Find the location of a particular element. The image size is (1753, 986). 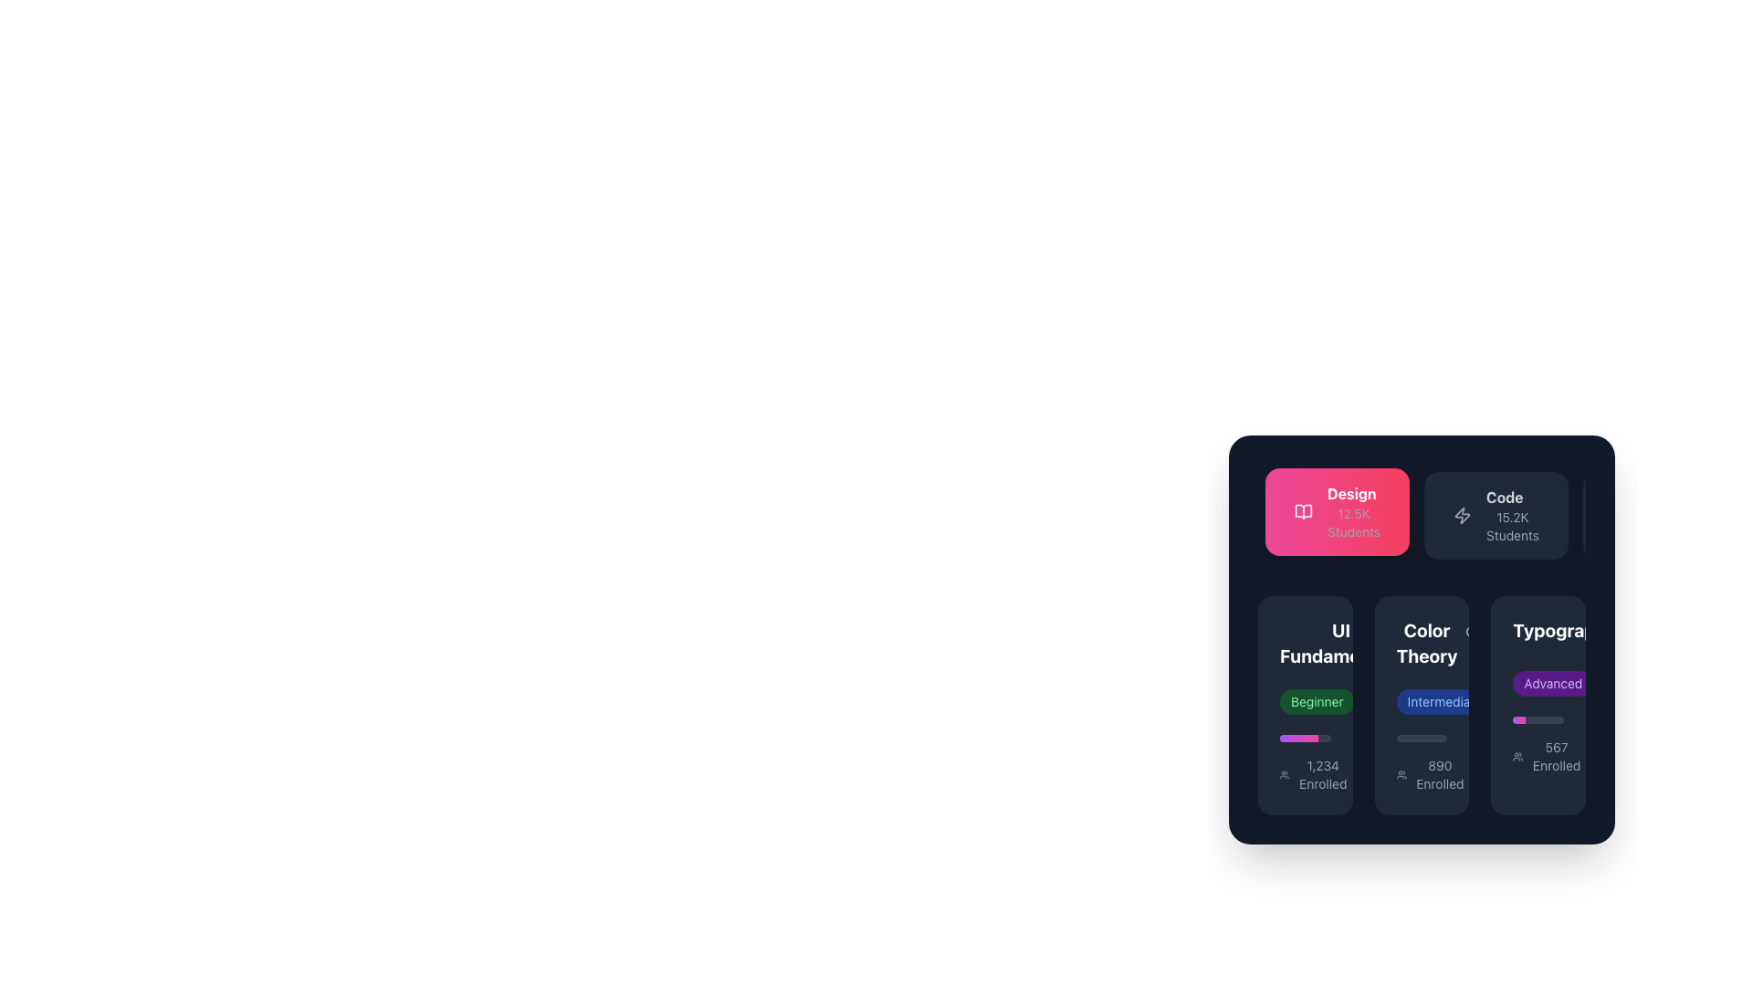

the user community icon, which is a line art design resembling a group of users, located to the left of the '890 Enrolled' text is located at coordinates (1401, 774).